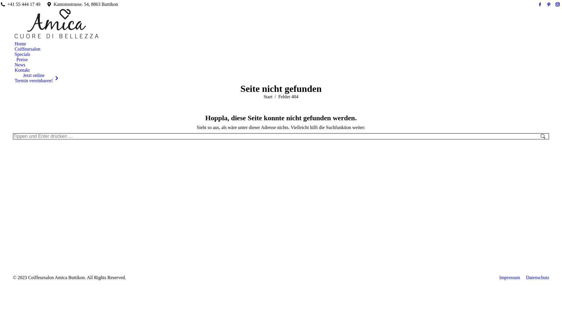  What do you see at coordinates (268, 96) in the screenshot?
I see `'Start'` at bounding box center [268, 96].